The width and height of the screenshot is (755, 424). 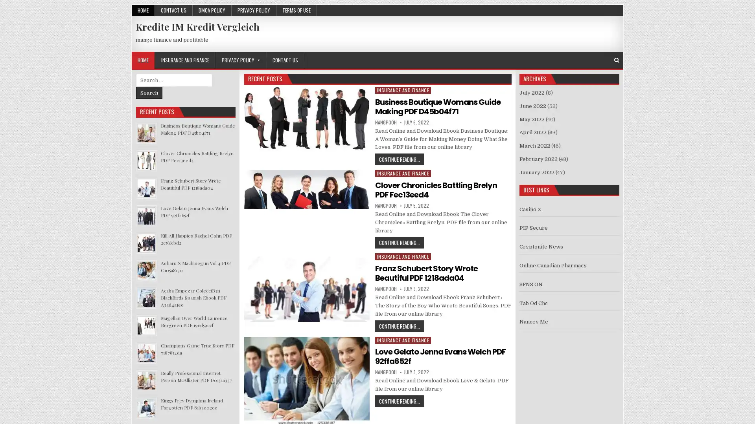 What do you see at coordinates (149, 92) in the screenshot?
I see `Search` at bounding box center [149, 92].